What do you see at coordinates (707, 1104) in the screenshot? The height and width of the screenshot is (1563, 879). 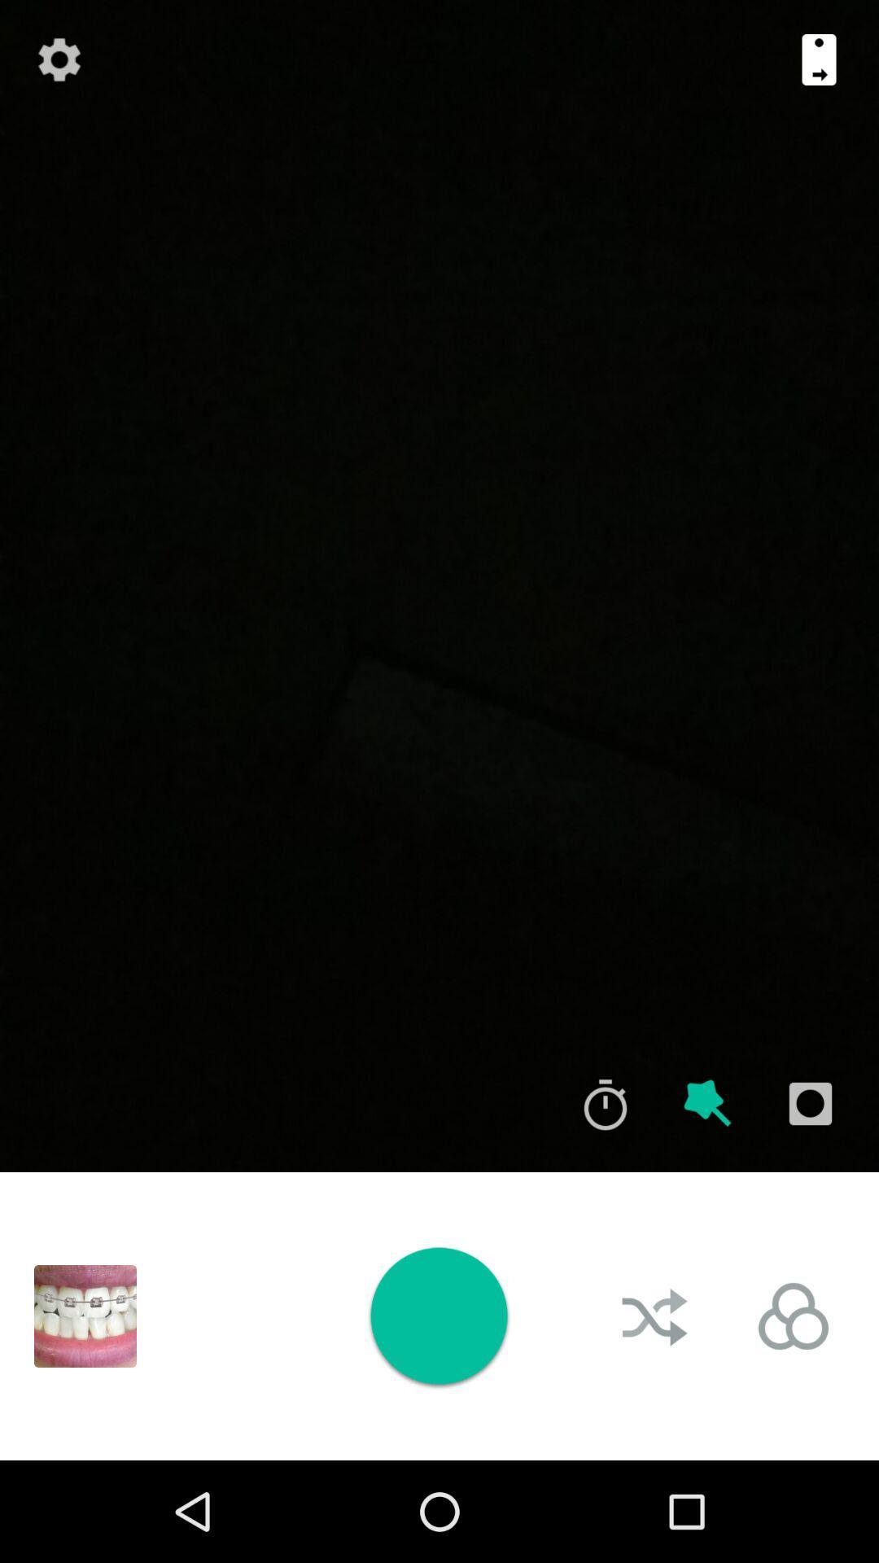 I see `as favorite` at bounding box center [707, 1104].